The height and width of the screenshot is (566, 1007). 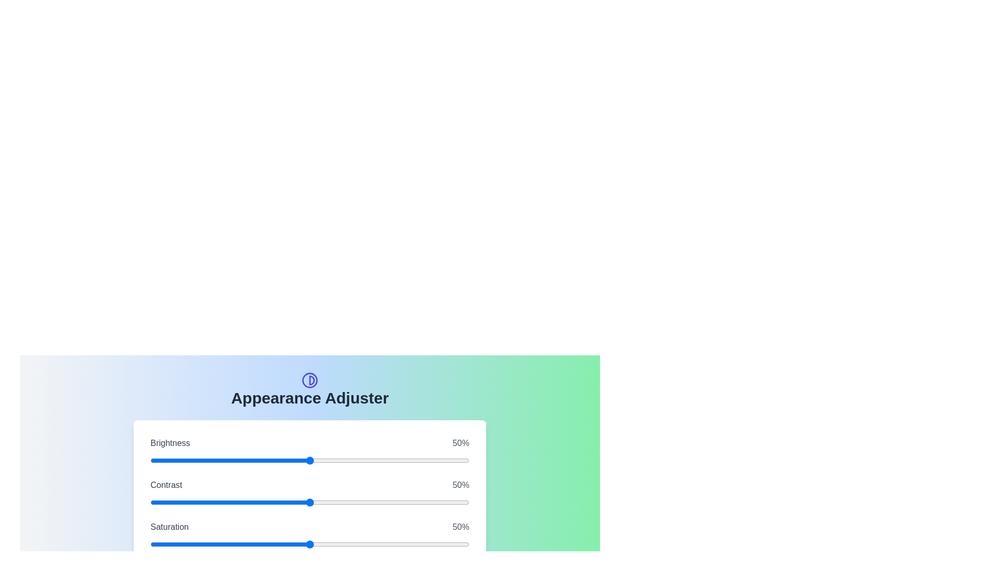 I want to click on the 0 slider to 8%, so click(x=322, y=460).